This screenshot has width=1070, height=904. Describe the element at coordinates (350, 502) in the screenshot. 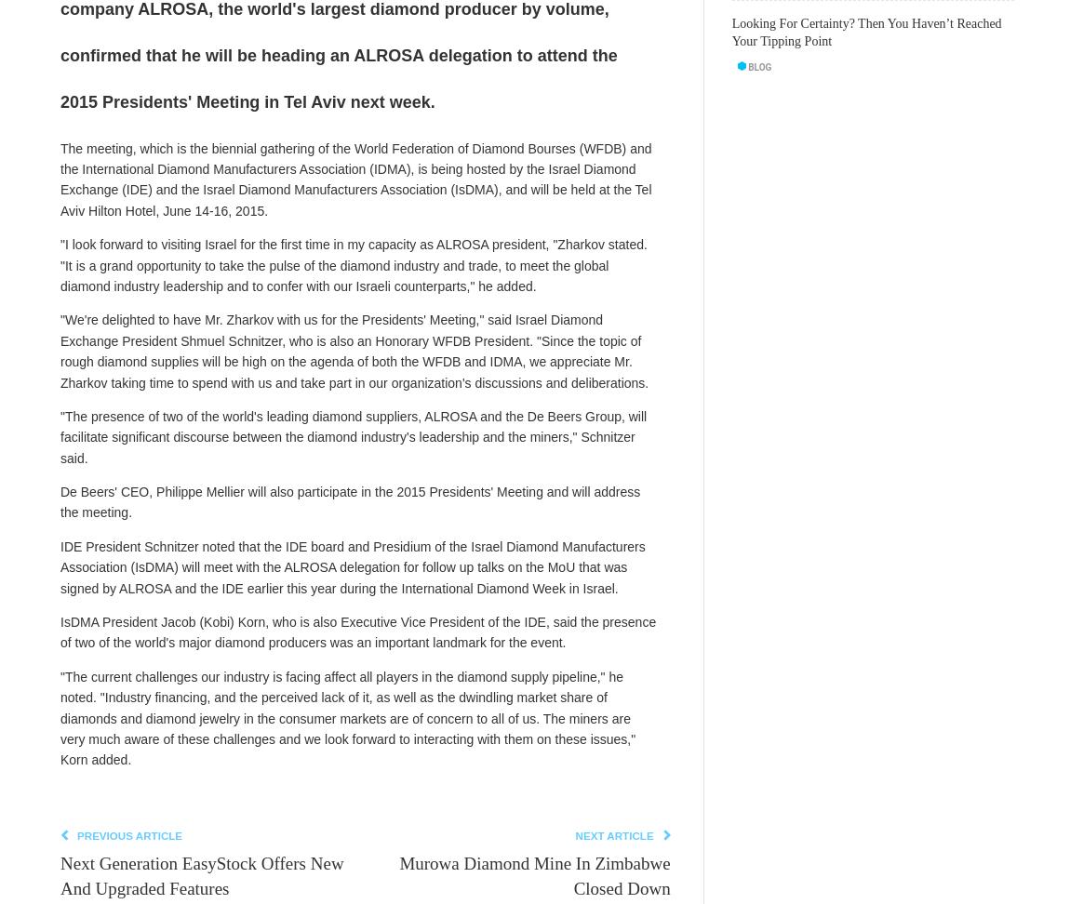

I see `'De Beers' CEO, Philippe Mellier will also participate in the 2015 Presidents' Meeting and will address the meeting.'` at that location.